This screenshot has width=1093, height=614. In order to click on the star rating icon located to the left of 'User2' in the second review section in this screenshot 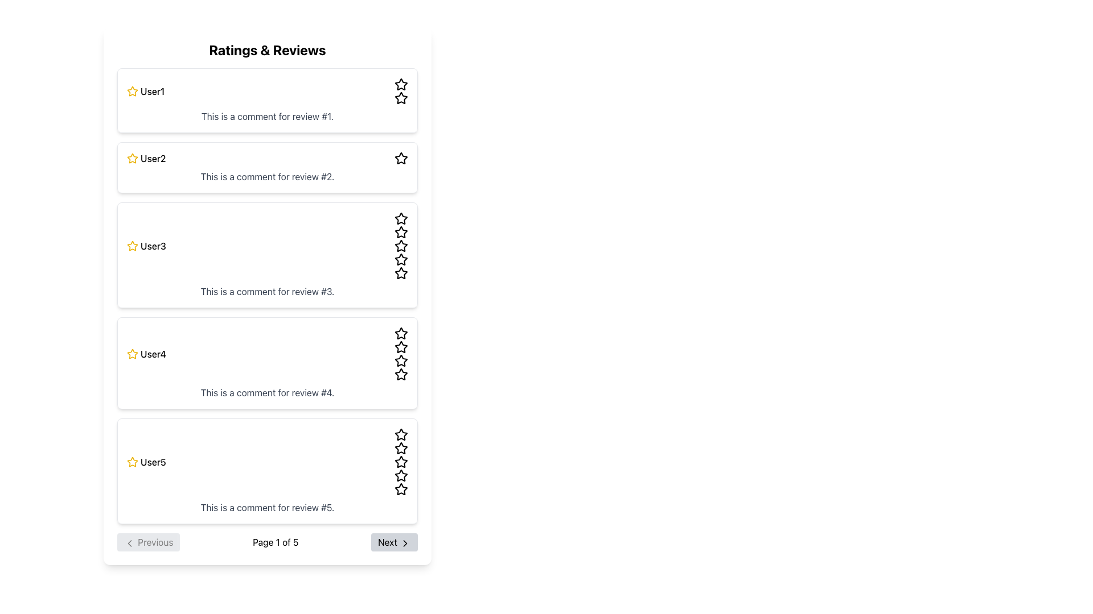, I will do `click(133, 158)`.